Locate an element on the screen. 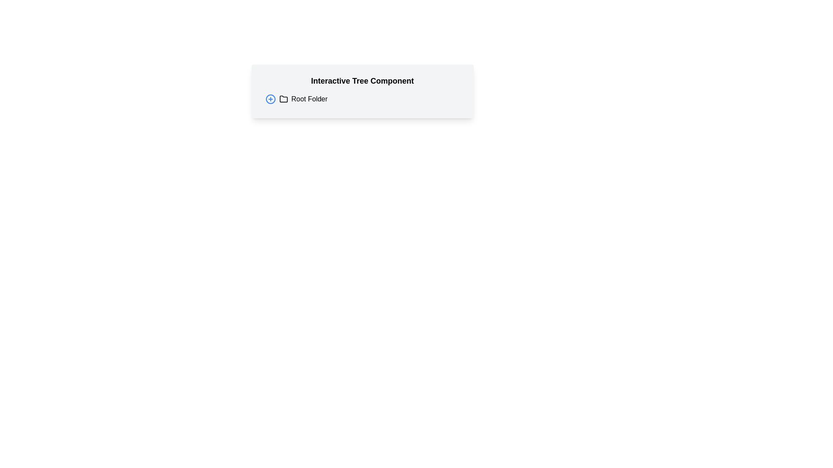 The width and height of the screenshot is (833, 468). the folder icon, which is positioned immediately to the left of the 'Root Folder' text in the hierarchical component is located at coordinates (283, 98).